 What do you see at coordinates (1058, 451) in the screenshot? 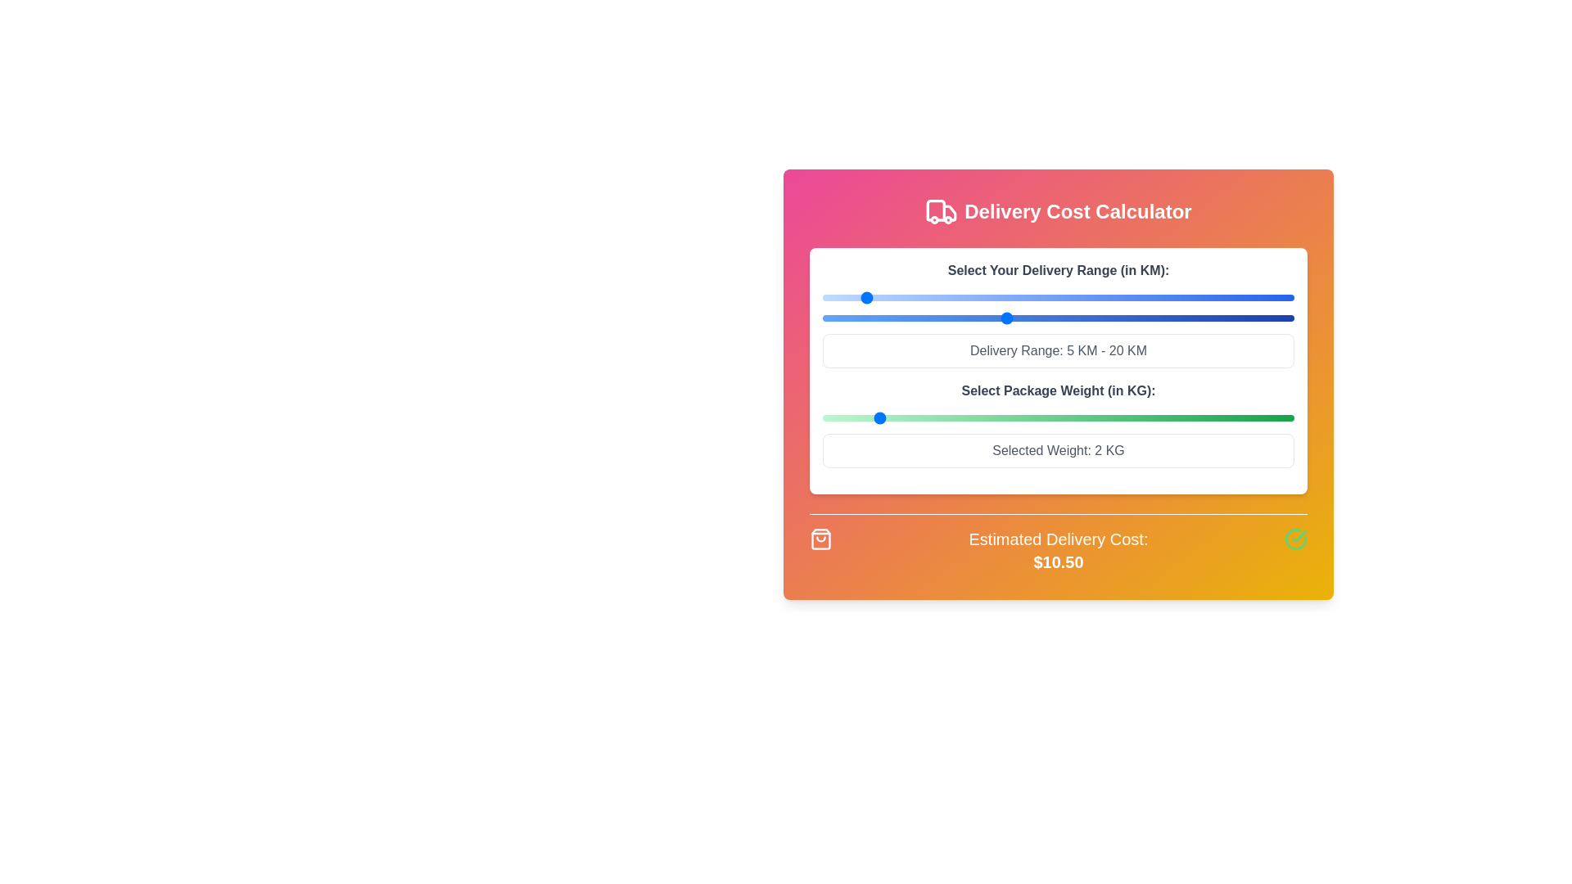
I see `the Text Label that displays 'Selected Weight: 2 KG', which has a white background and a light gray border, located below the green slider bar in the 'Select Package Weight (in KG):' section` at bounding box center [1058, 451].